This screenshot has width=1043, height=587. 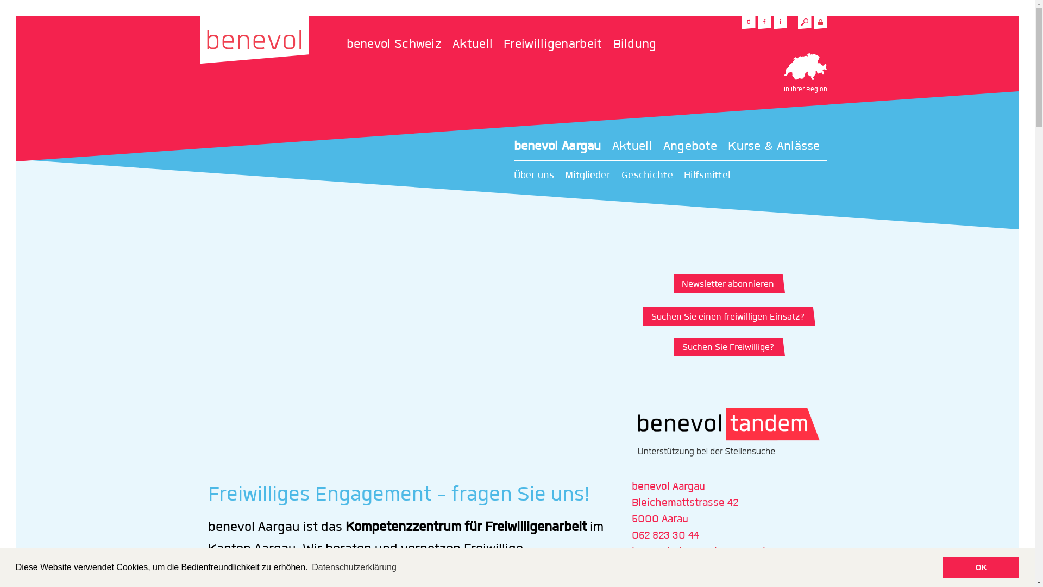 I want to click on 'benevol@benevol-aargau.ch', so click(x=631, y=551).